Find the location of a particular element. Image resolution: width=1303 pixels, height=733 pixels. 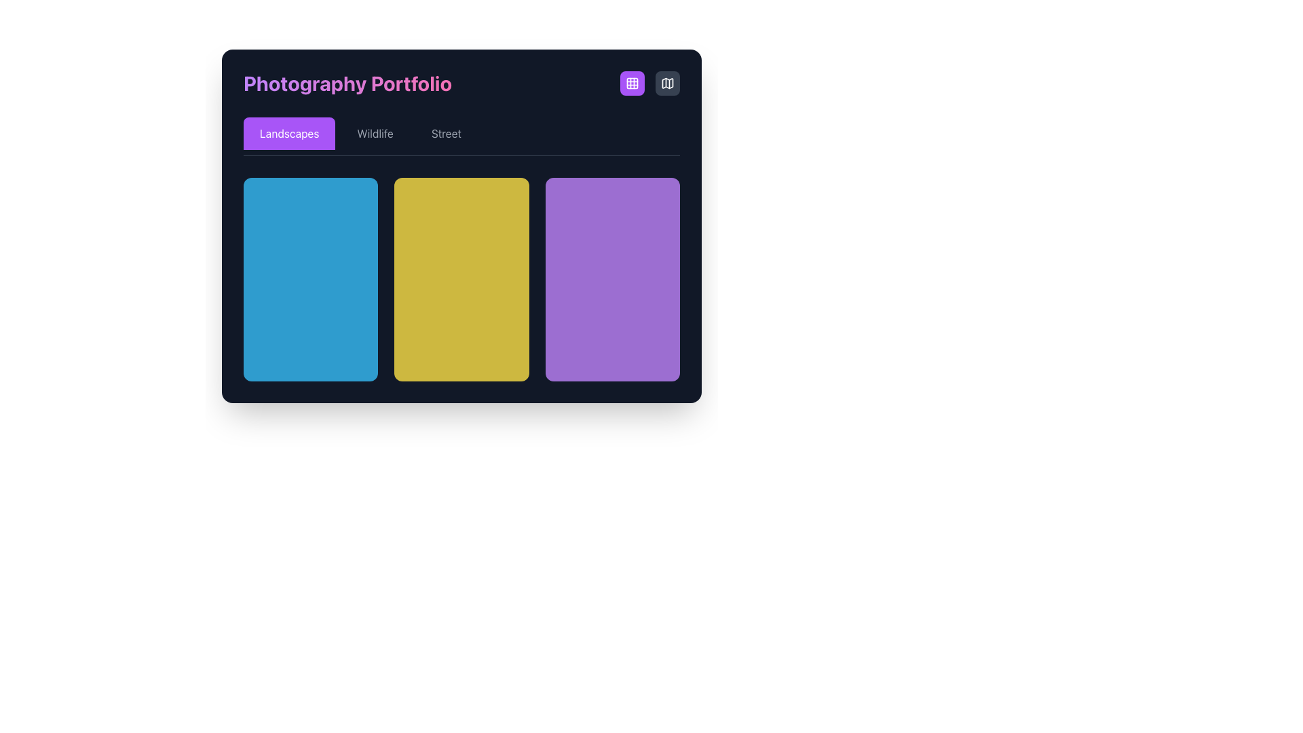

the purple circular button with a grid icon located in the upper-right corner of the user interface to switch views is located at coordinates (649, 83).